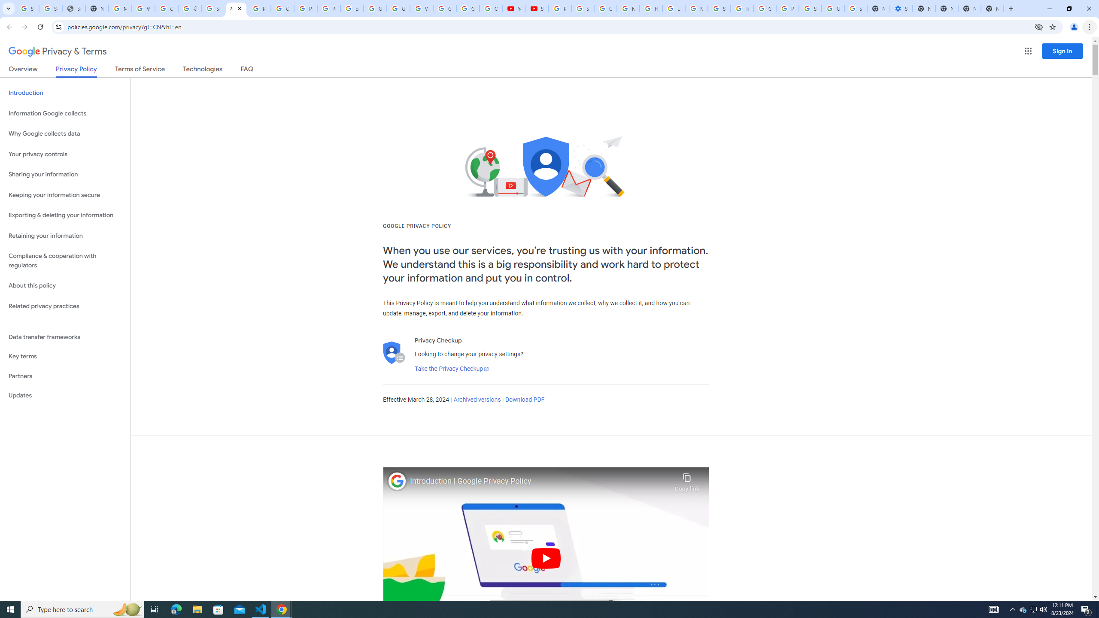 The width and height of the screenshot is (1099, 618). What do you see at coordinates (833, 8) in the screenshot?
I see `'Google Cybersecurity Innovations - Google Safety Center'` at bounding box center [833, 8].